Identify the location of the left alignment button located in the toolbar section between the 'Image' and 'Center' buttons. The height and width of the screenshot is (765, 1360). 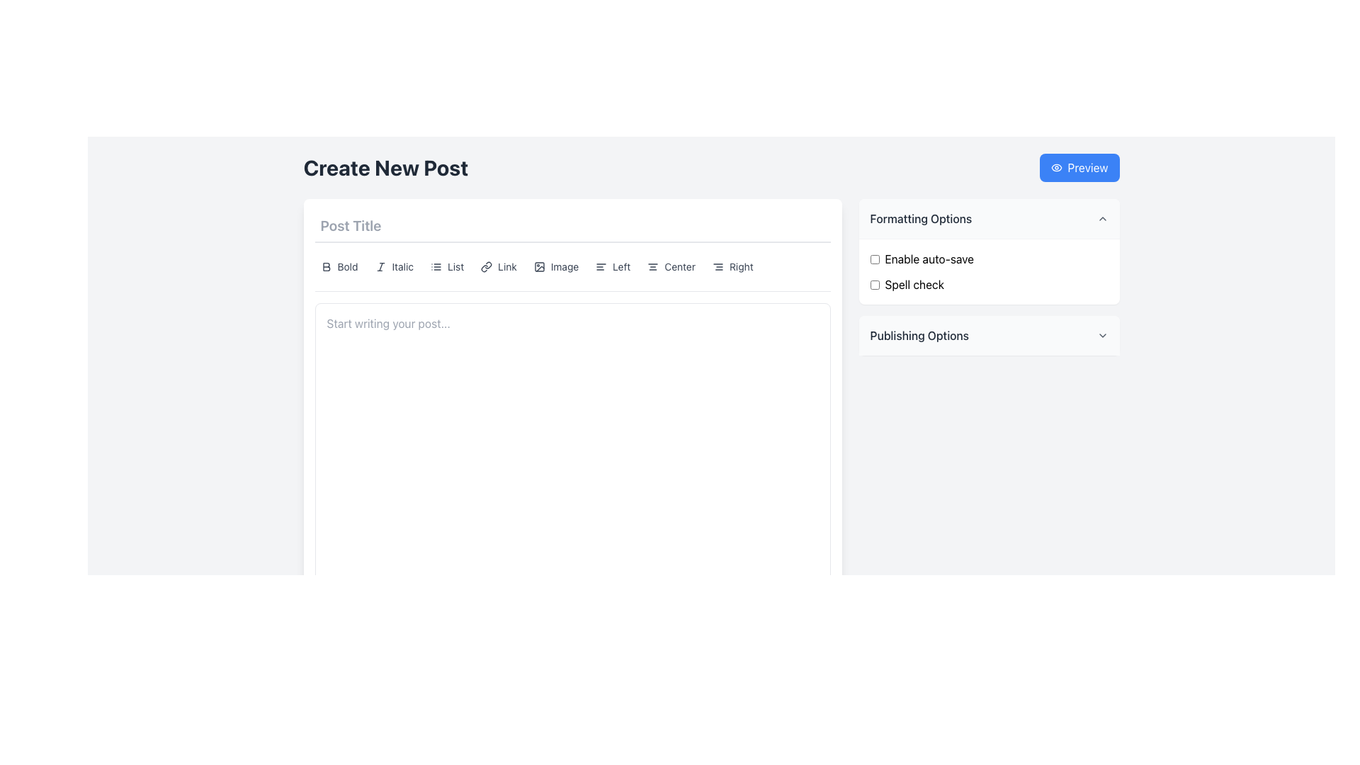
(613, 267).